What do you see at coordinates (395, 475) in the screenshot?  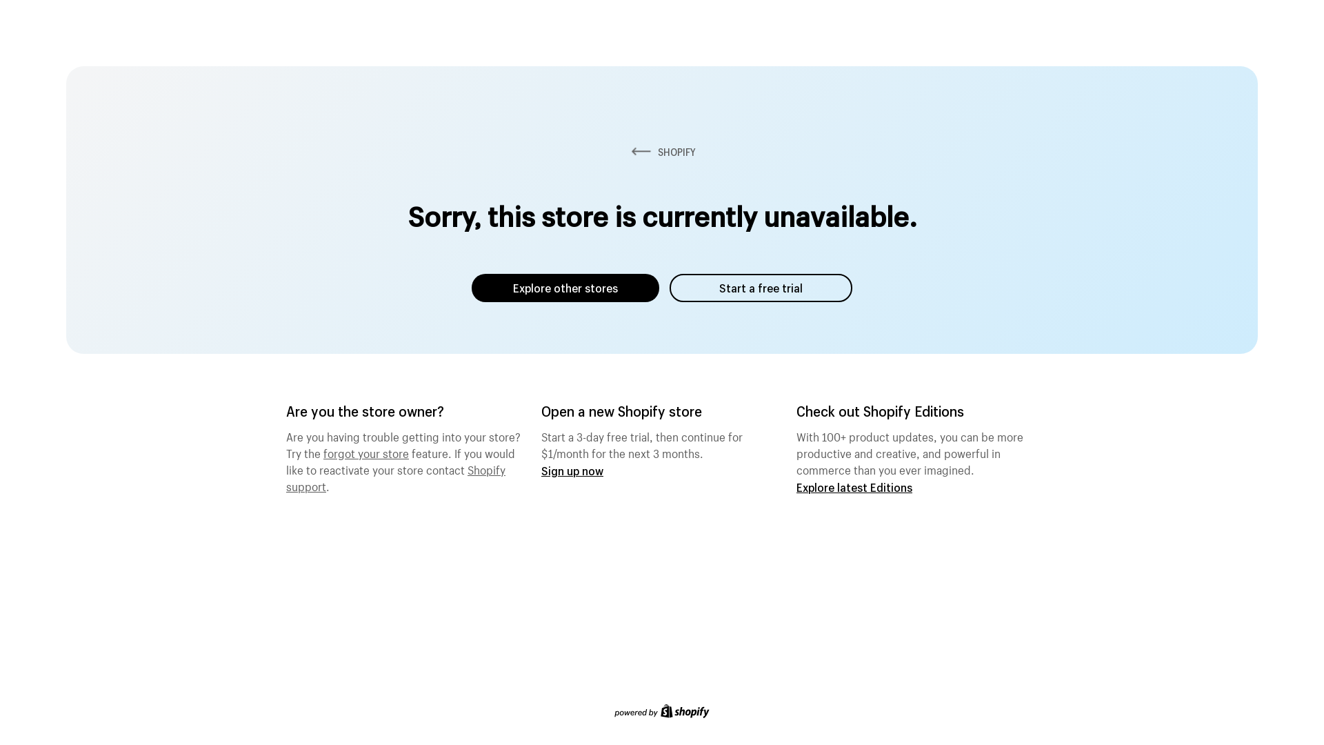 I see `'Shopify support'` at bounding box center [395, 475].